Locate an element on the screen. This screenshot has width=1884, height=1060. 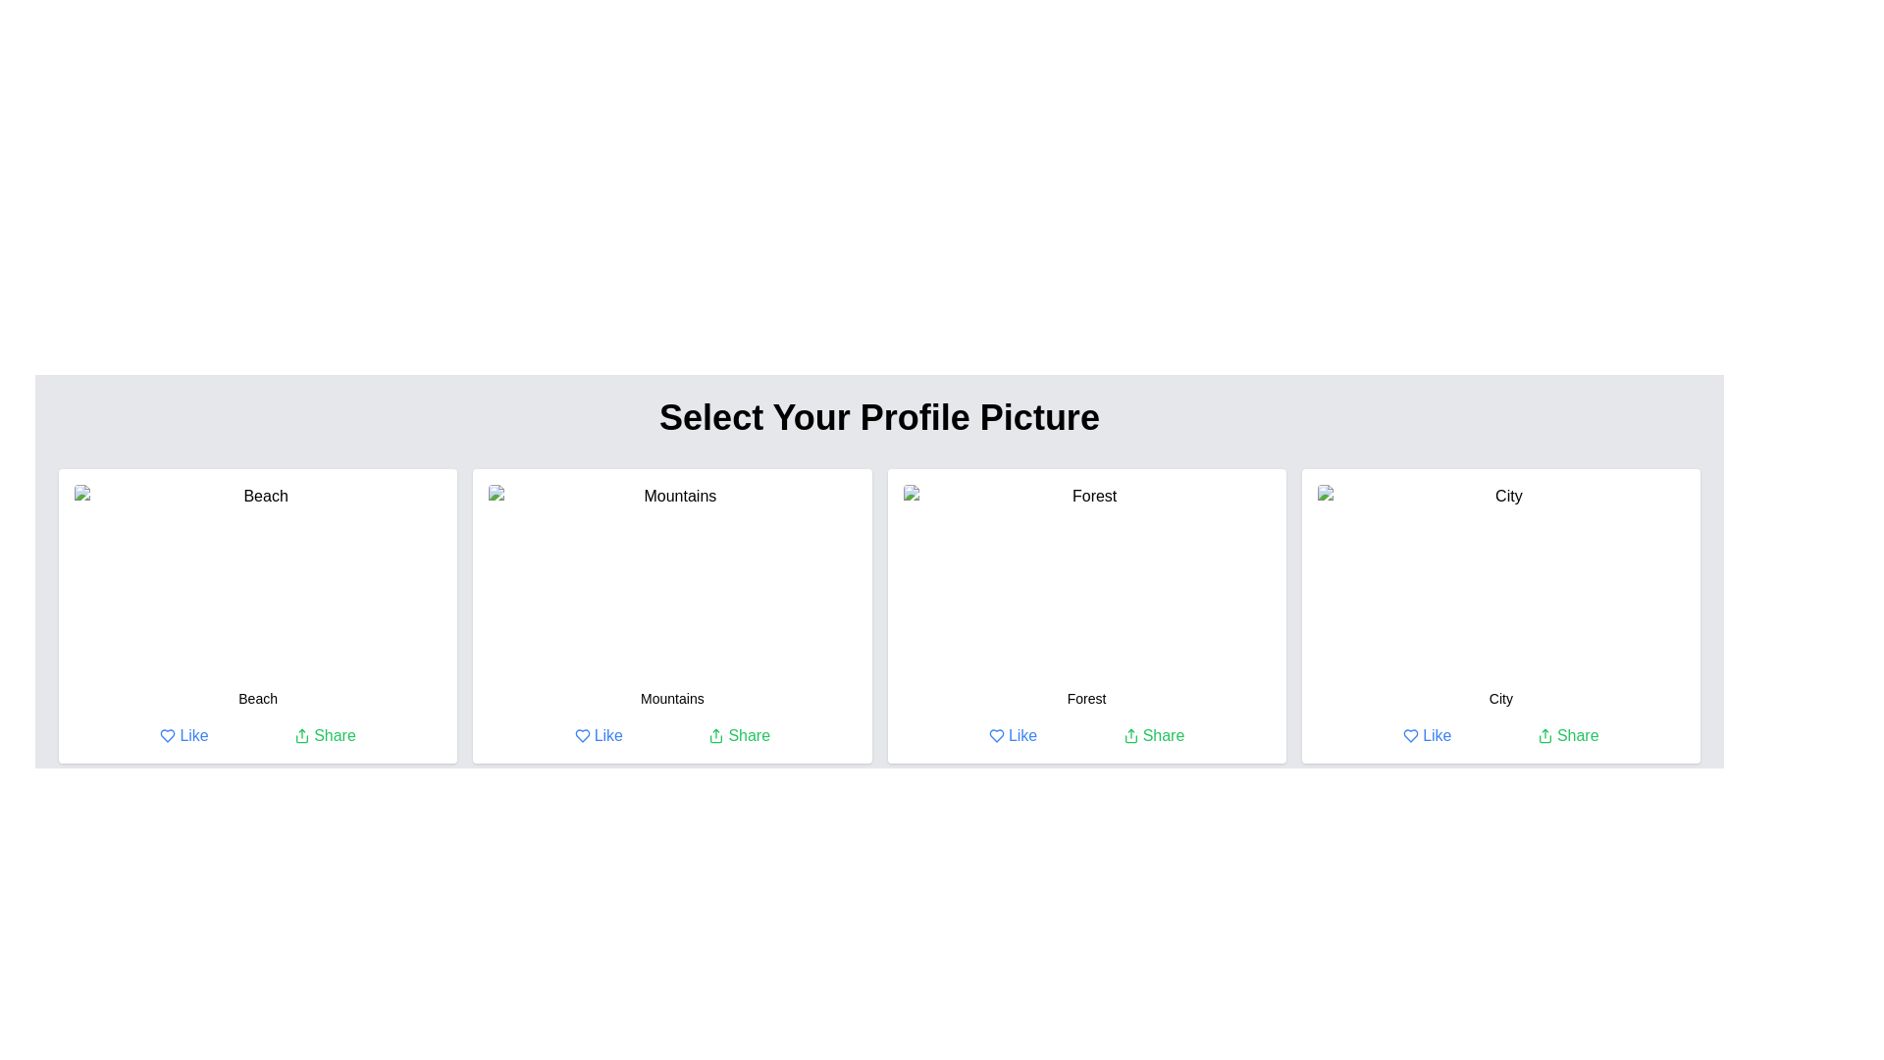
the heart icon located in the 'Like' action area under the 'Forest' profile picture card is located at coordinates (996, 735).